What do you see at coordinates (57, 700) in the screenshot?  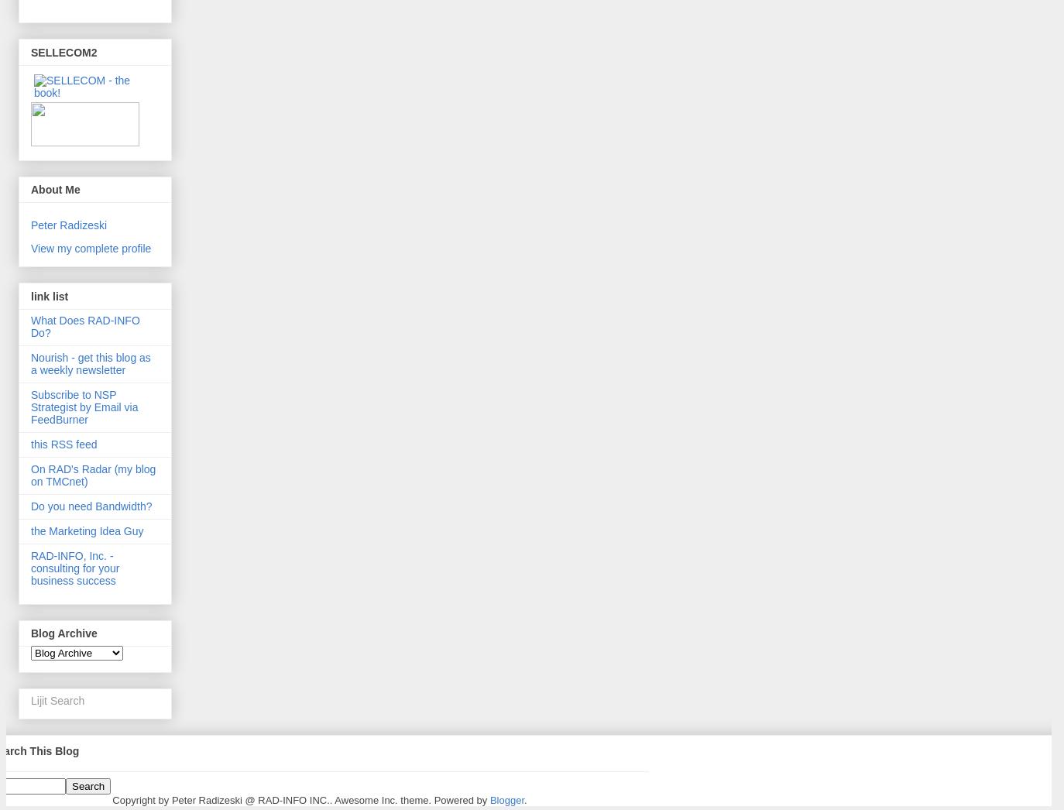 I see `'Lijit Search'` at bounding box center [57, 700].